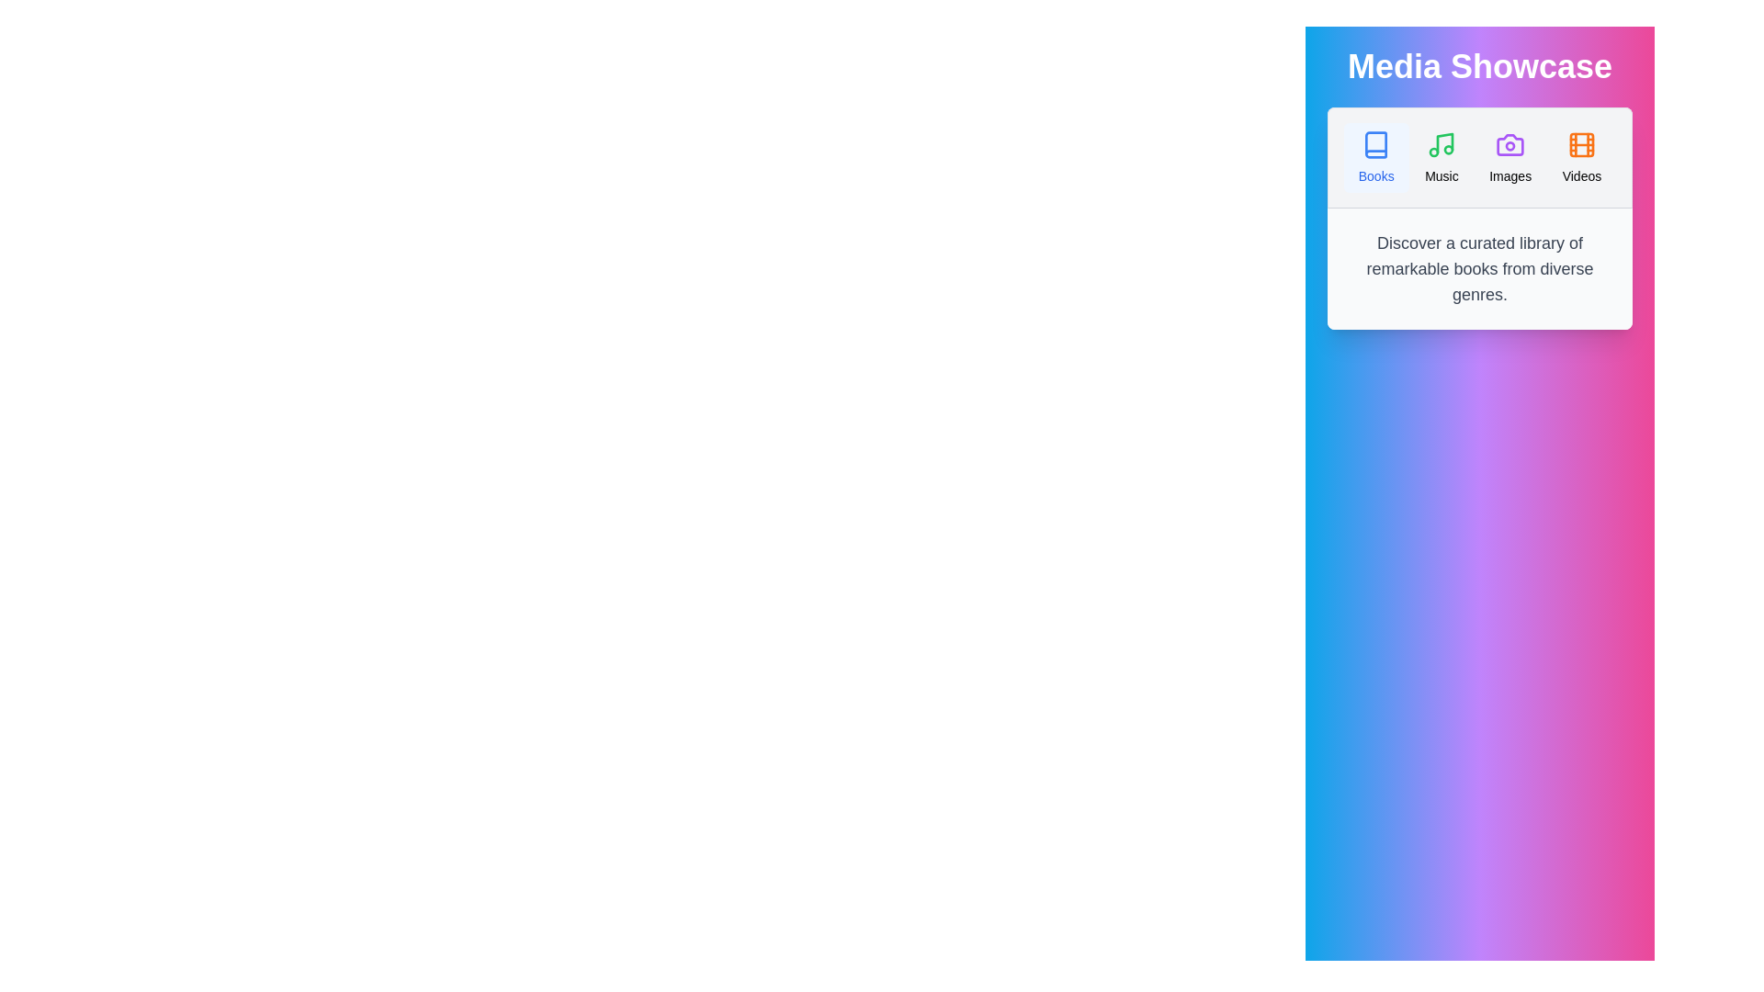 This screenshot has width=1764, height=992. What do you see at coordinates (1580, 157) in the screenshot?
I see `the Videos tab by clicking on it` at bounding box center [1580, 157].